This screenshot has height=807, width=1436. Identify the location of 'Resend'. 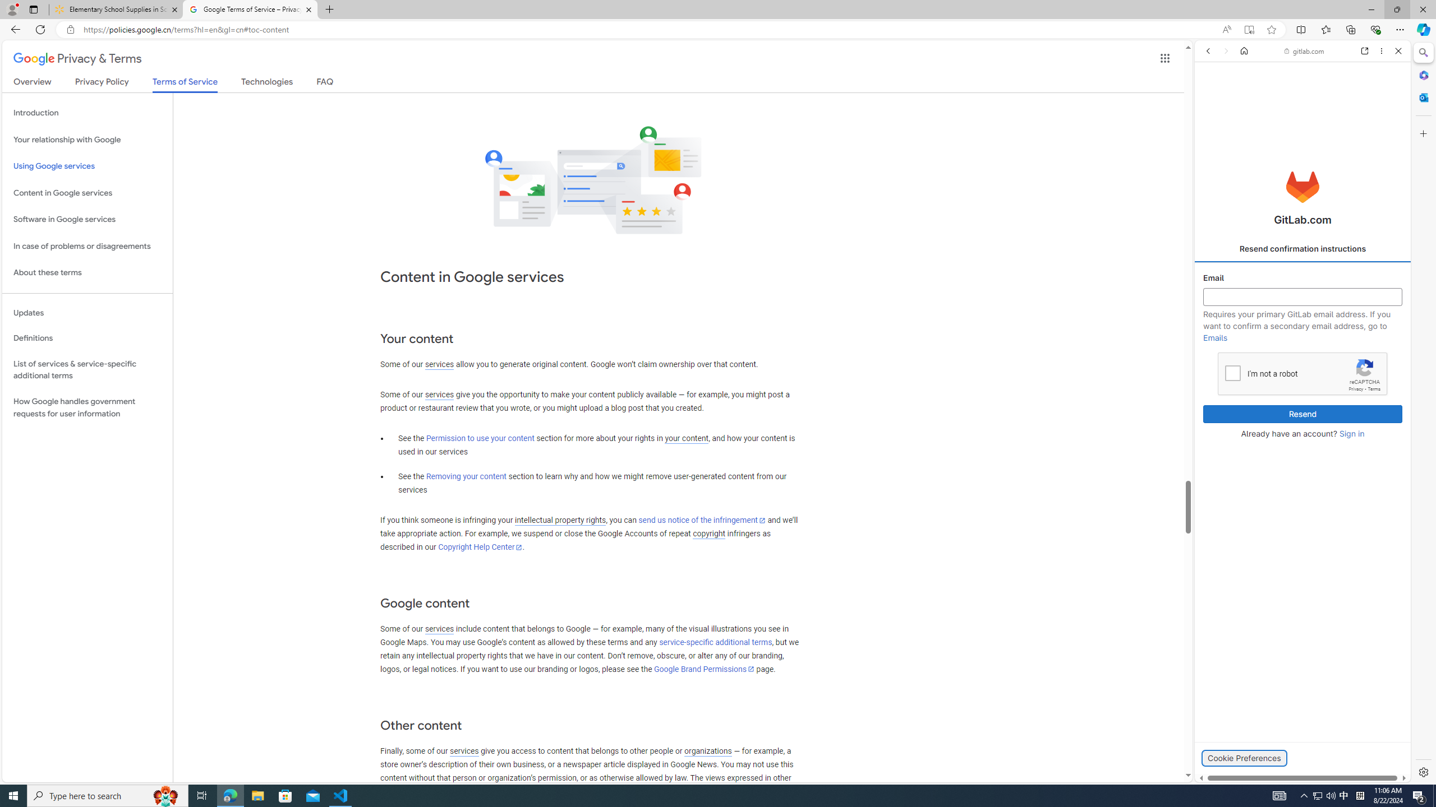
(1303, 414).